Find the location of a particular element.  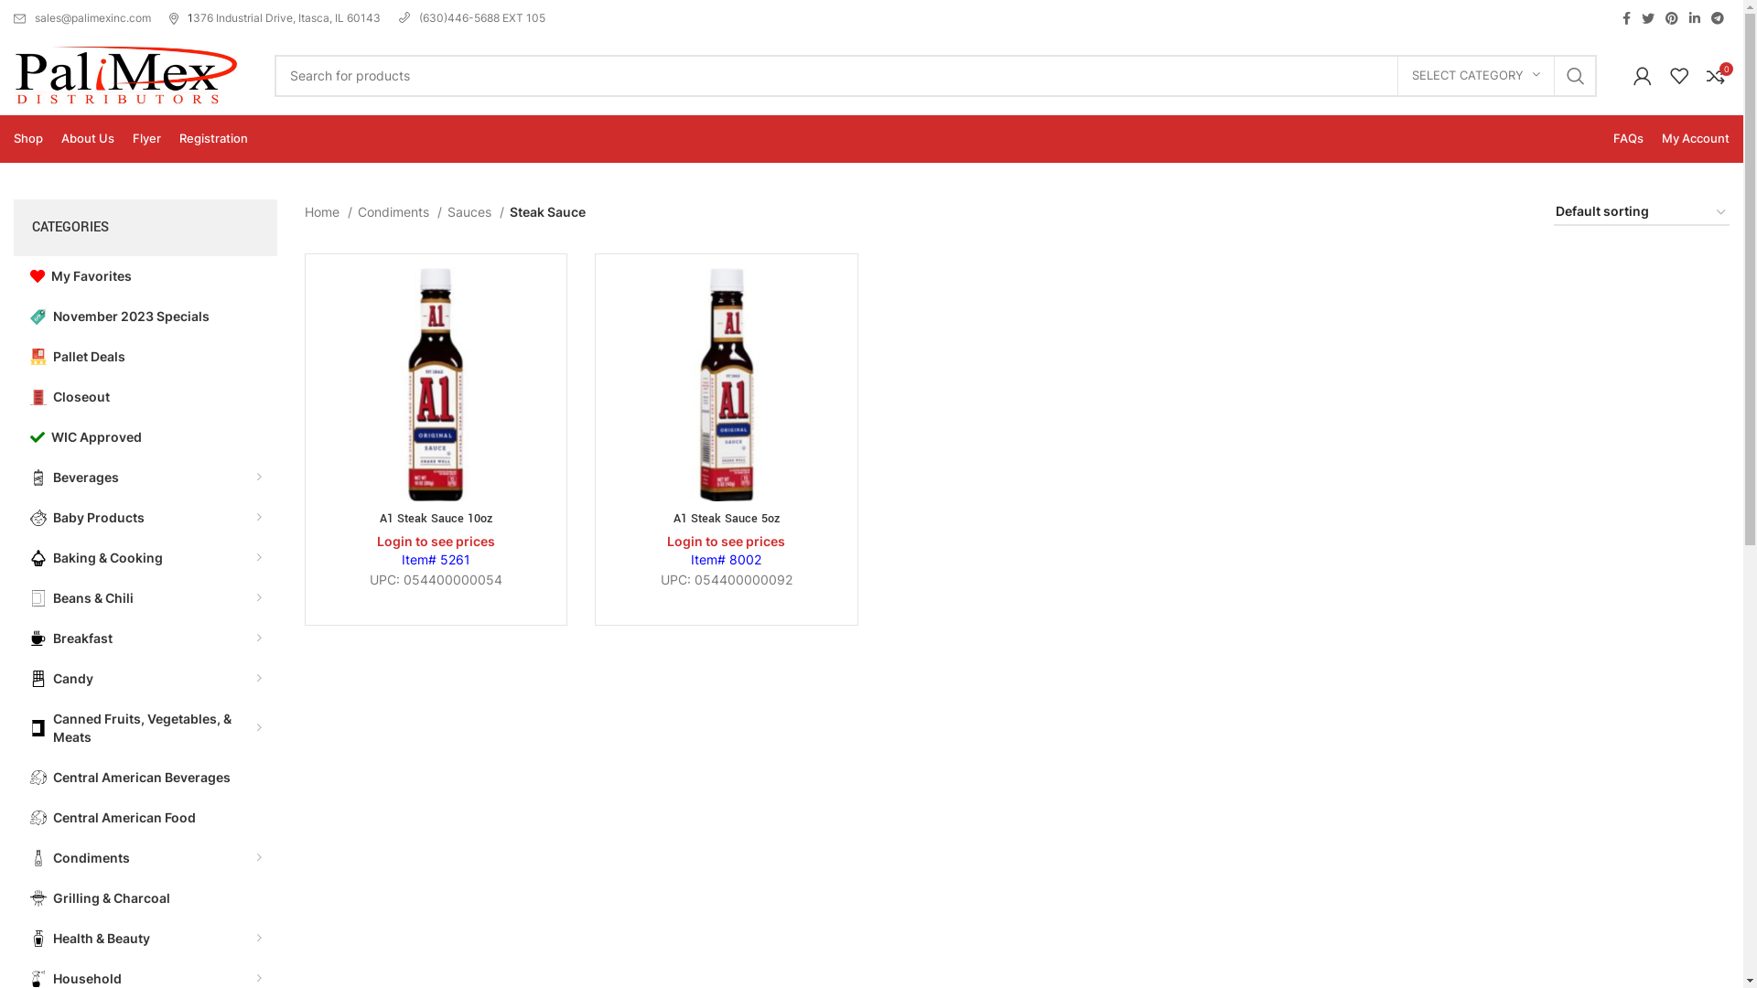

'SELECT CATEGORY' is located at coordinates (1396, 75).